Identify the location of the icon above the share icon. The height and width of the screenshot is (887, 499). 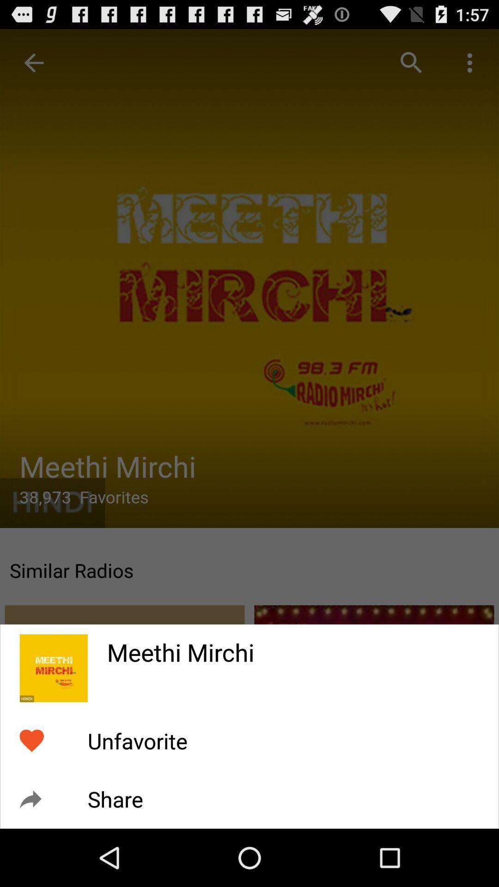
(137, 741).